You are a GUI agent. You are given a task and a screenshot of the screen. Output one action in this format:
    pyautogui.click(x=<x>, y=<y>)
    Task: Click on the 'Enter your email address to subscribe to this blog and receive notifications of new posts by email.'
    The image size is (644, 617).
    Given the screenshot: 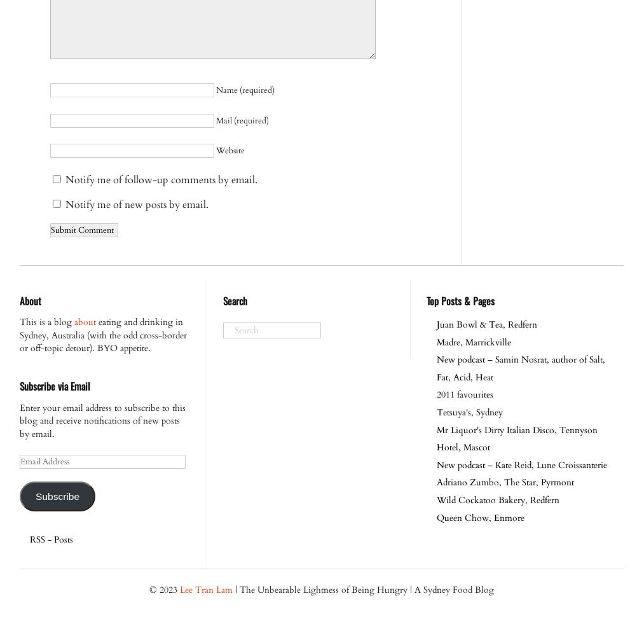 What is the action you would take?
    pyautogui.click(x=102, y=420)
    